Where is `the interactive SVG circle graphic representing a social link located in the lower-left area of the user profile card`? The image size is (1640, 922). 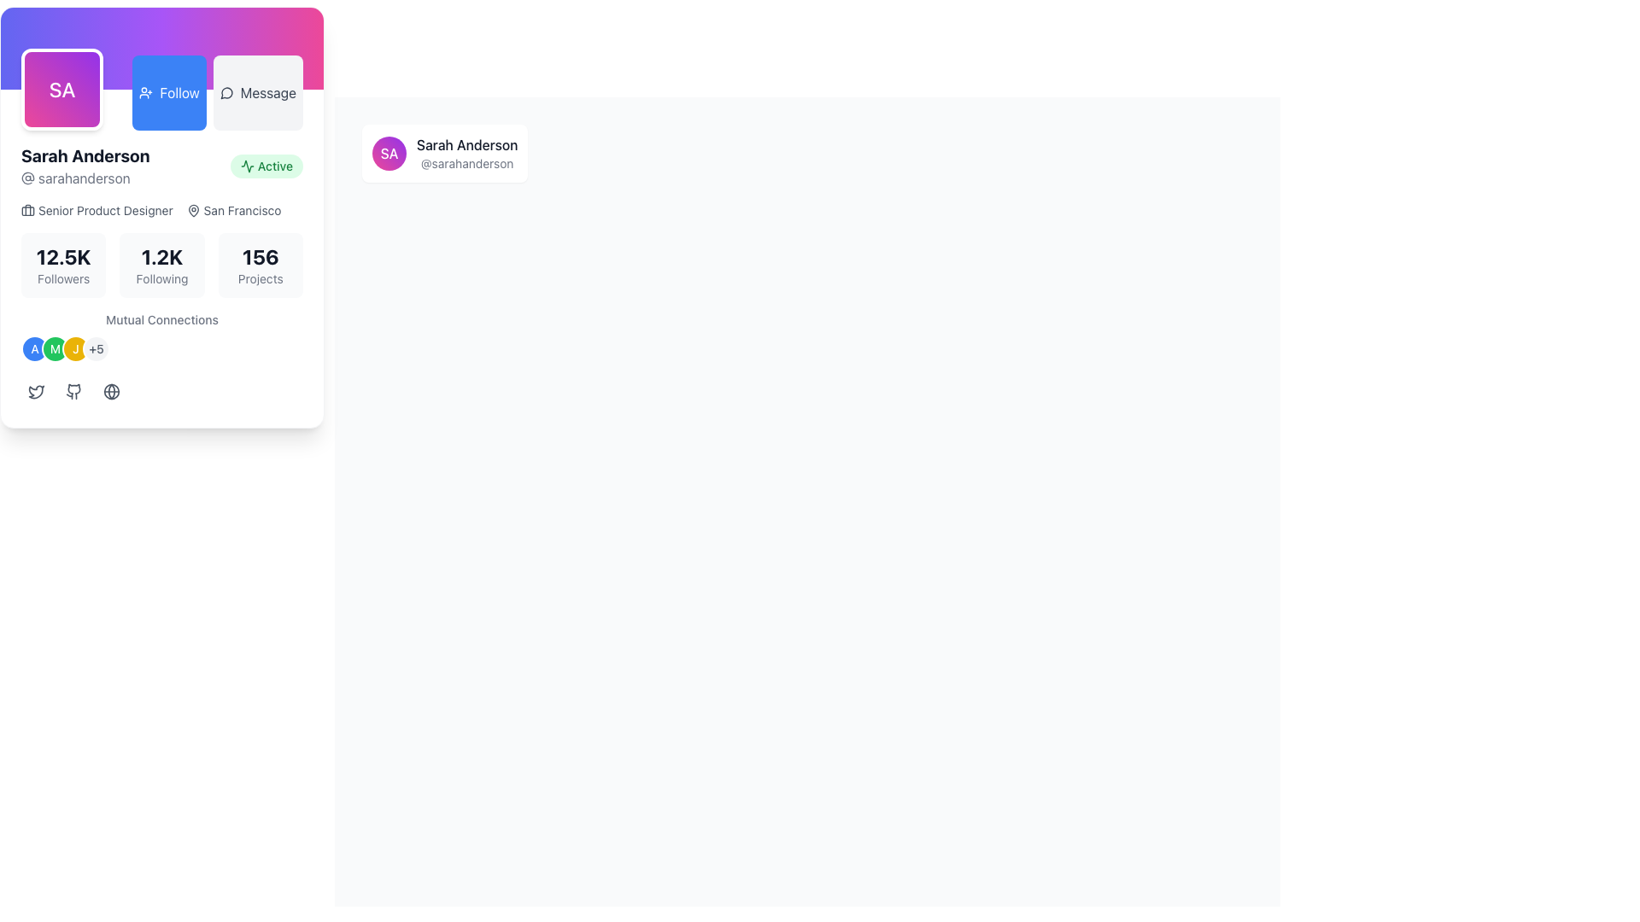 the interactive SVG circle graphic representing a social link located in the lower-left area of the user profile card is located at coordinates (110, 392).